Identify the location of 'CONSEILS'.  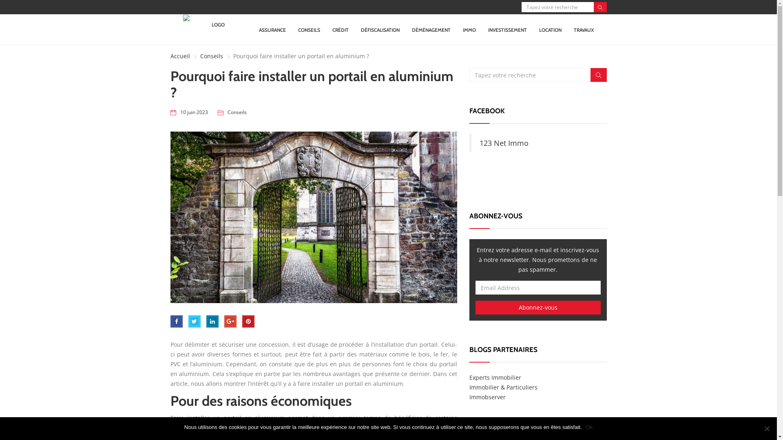
(309, 29).